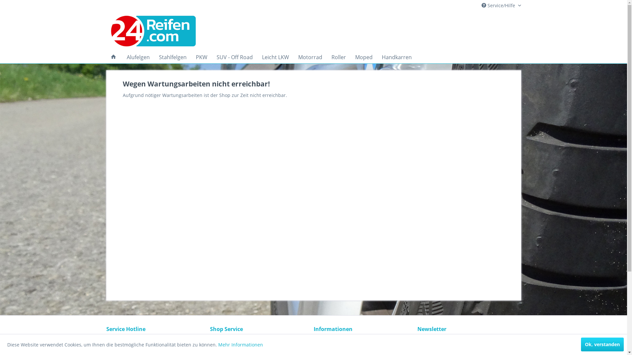 This screenshot has height=355, width=632. What do you see at coordinates (275, 57) in the screenshot?
I see `'Leicht LKW'` at bounding box center [275, 57].